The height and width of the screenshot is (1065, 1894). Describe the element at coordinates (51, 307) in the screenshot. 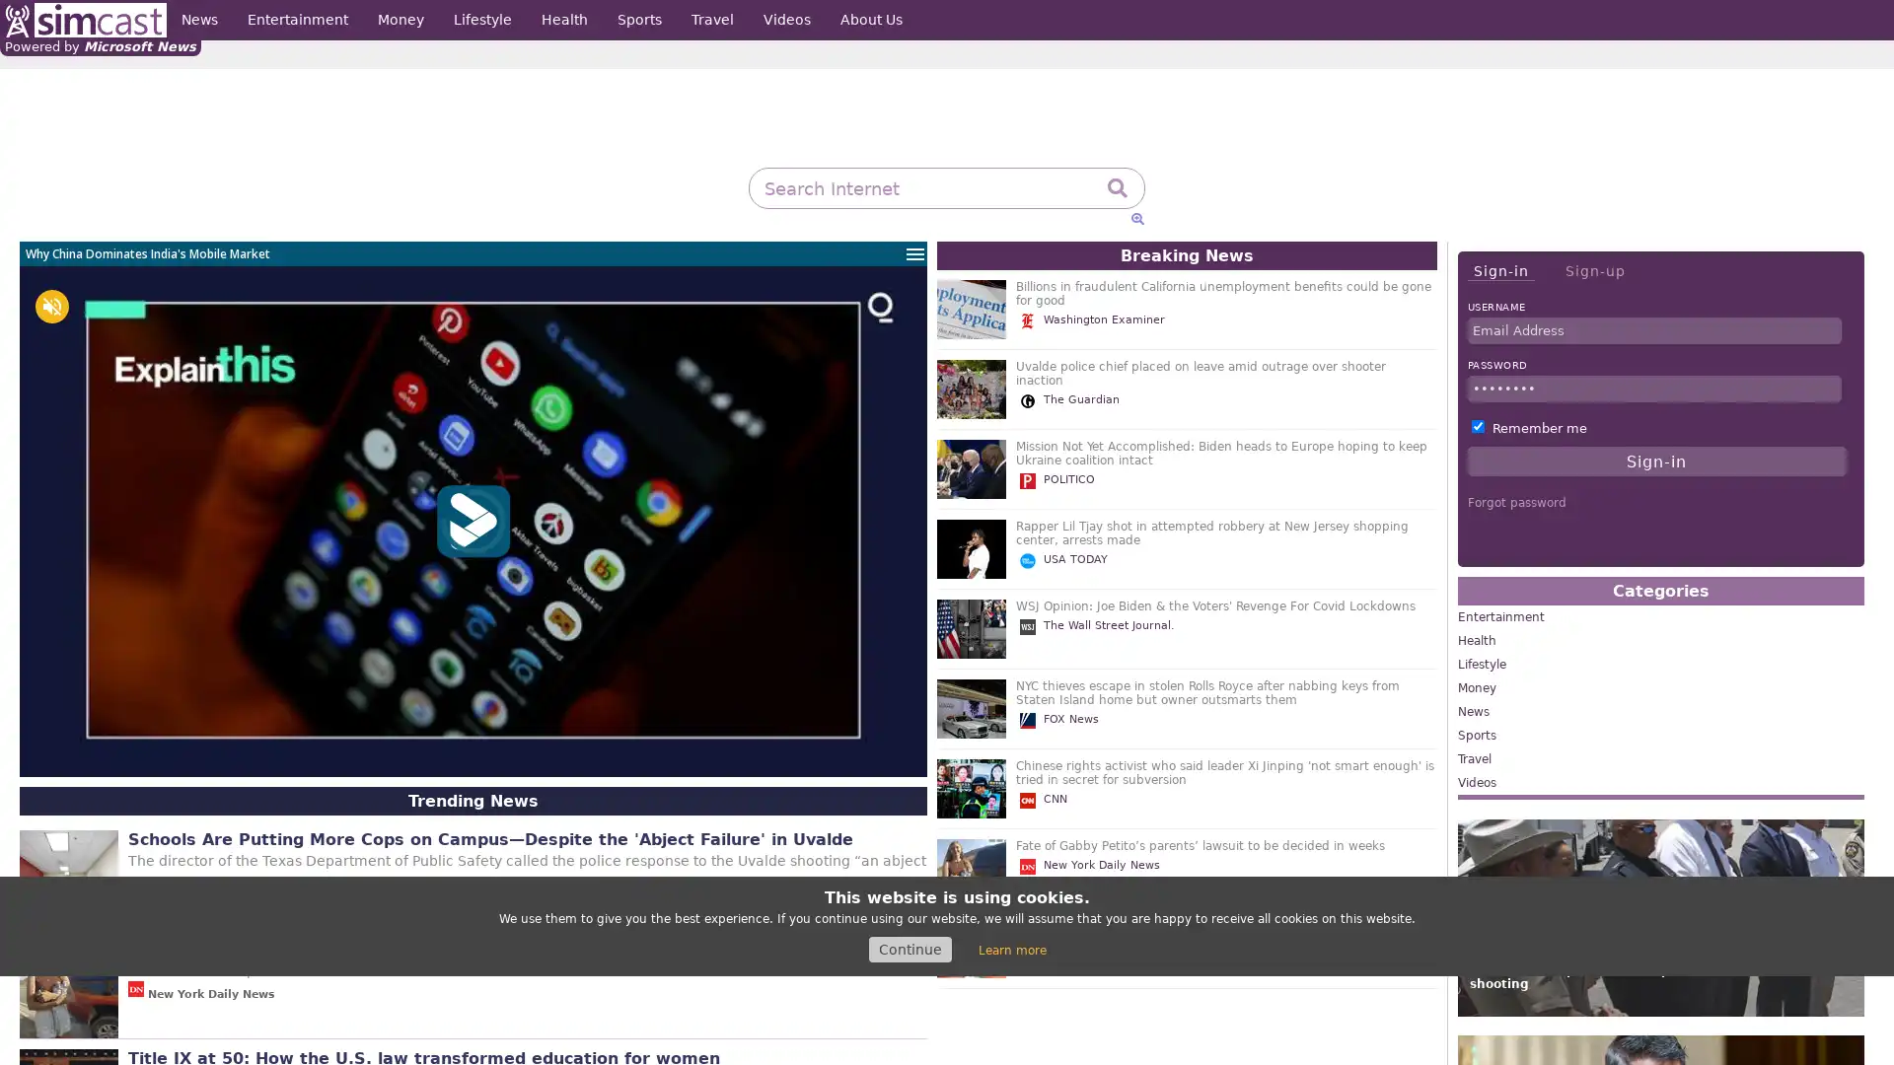

I see `volume_offvolume_up` at that location.